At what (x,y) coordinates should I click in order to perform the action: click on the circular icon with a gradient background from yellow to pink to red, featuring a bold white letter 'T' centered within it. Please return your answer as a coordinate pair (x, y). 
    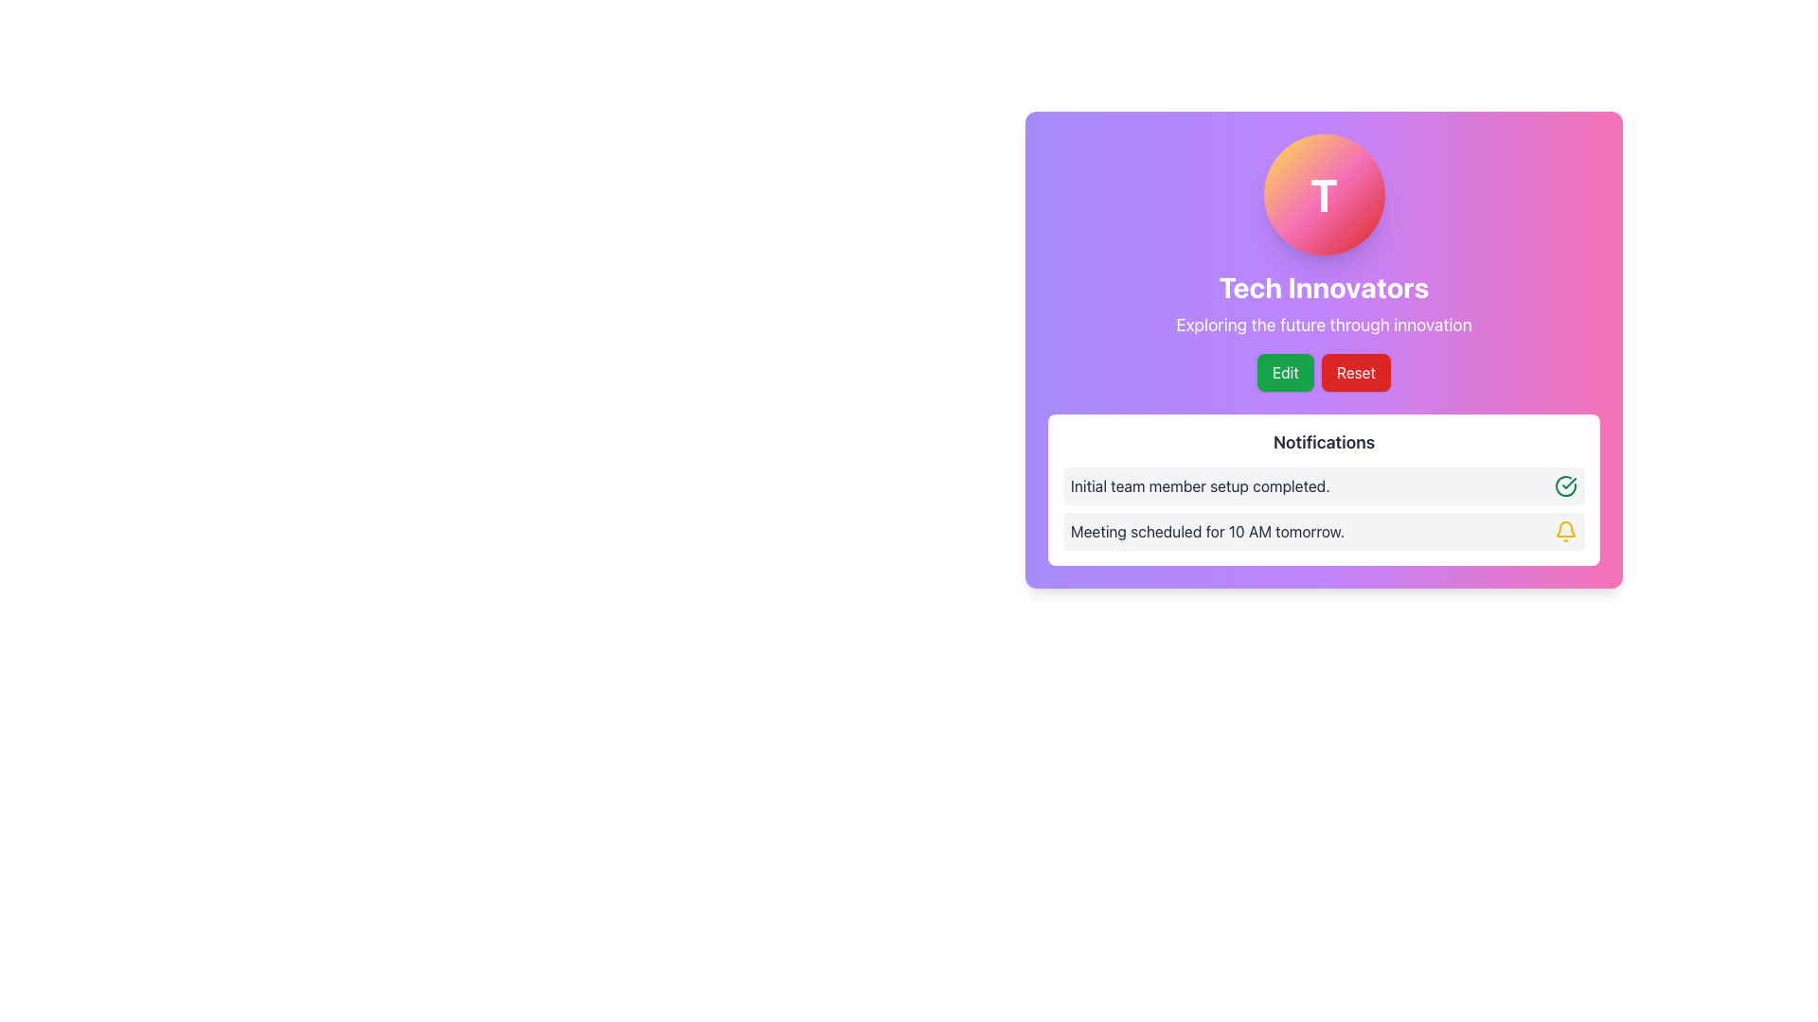
    Looking at the image, I should click on (1323, 194).